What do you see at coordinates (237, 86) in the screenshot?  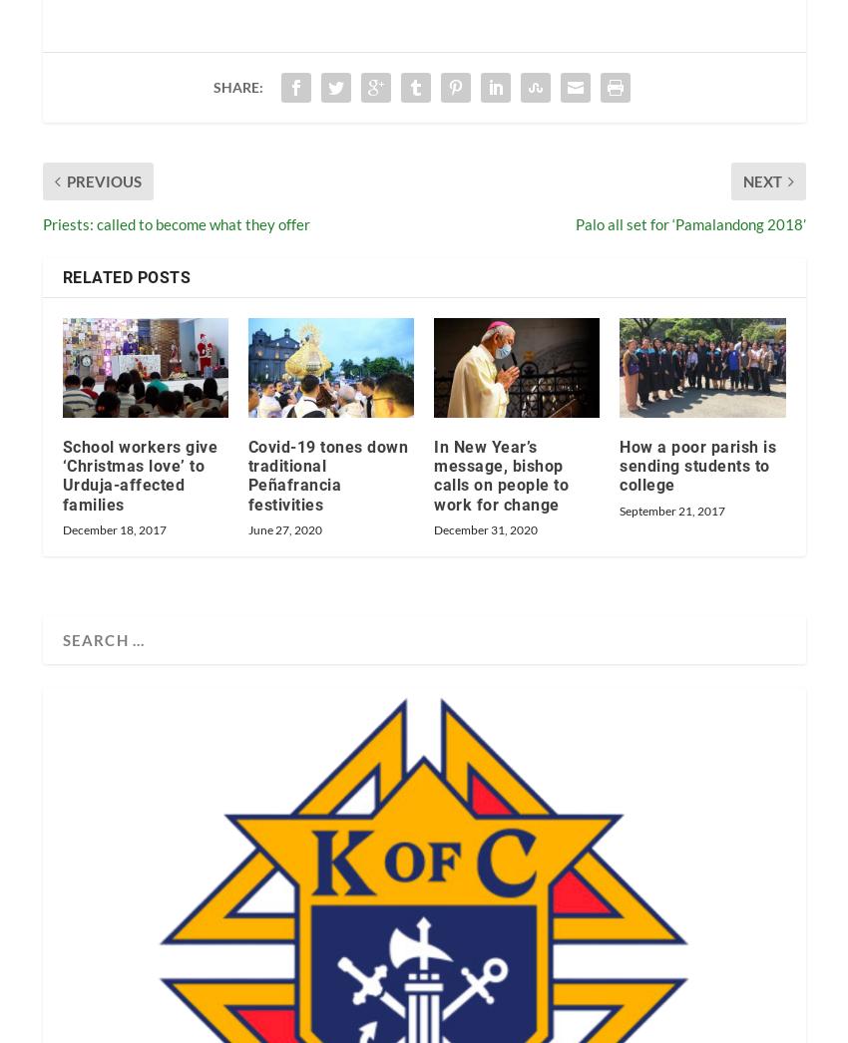 I see `'Share:'` at bounding box center [237, 86].